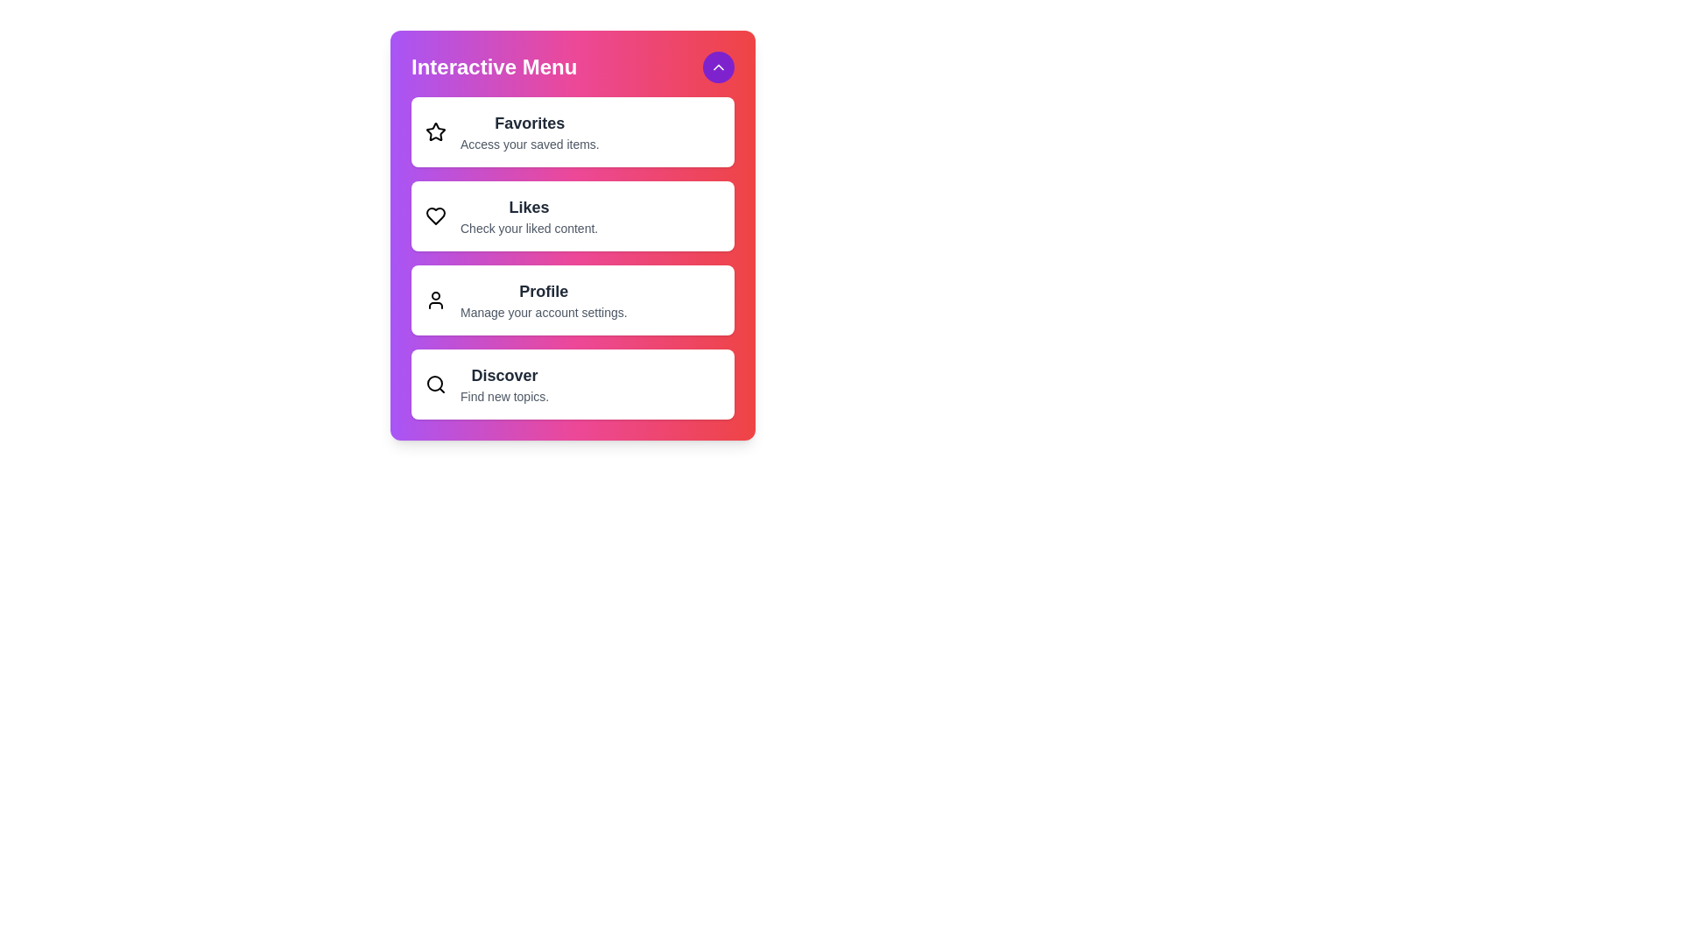  What do you see at coordinates (573, 131) in the screenshot?
I see `the menu item Favorites from the interactive menu` at bounding box center [573, 131].